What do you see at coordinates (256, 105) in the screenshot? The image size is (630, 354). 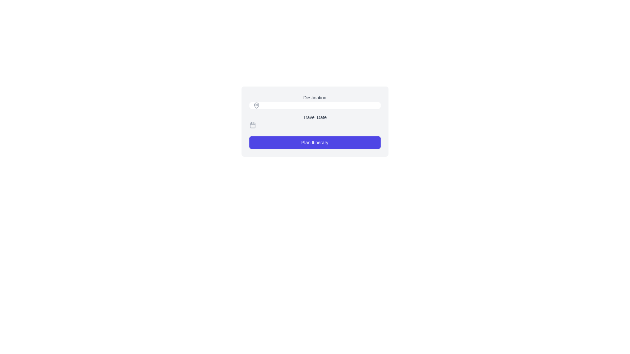 I see `the pin icon located to the left of the 'Destination' input field, which is designed as a gray location marker` at bounding box center [256, 105].